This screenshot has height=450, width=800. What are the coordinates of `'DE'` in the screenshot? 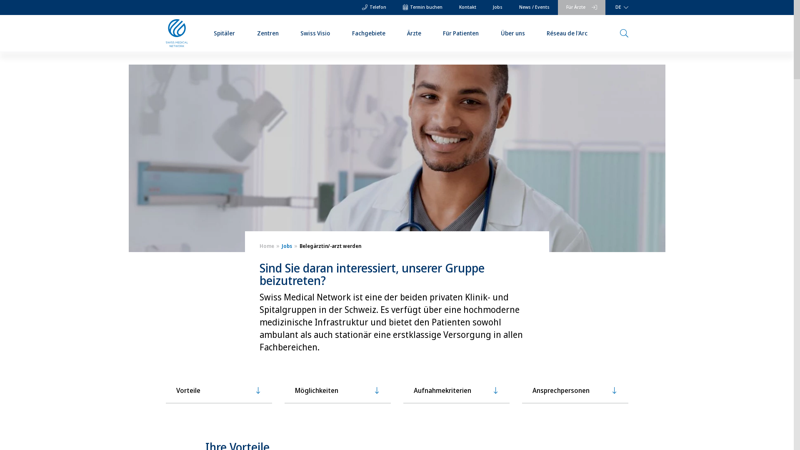 It's located at (620, 7).